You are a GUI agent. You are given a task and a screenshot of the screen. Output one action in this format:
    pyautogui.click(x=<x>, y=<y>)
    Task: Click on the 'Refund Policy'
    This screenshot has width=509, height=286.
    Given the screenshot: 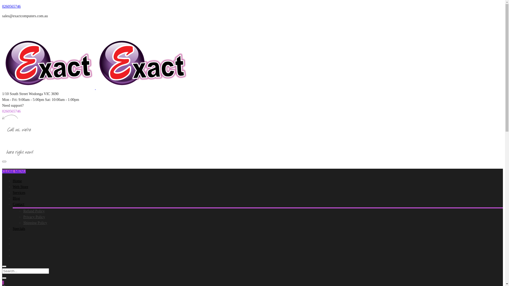 What is the action you would take?
    pyautogui.click(x=34, y=211)
    